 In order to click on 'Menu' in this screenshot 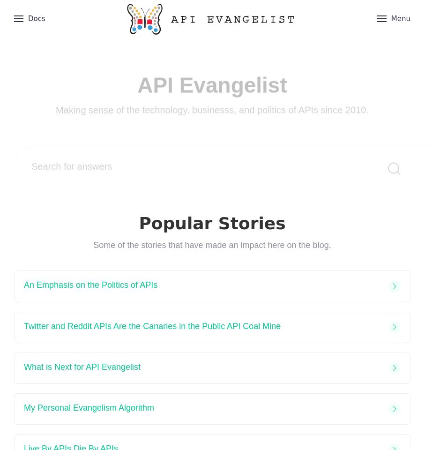, I will do `click(400, 18)`.